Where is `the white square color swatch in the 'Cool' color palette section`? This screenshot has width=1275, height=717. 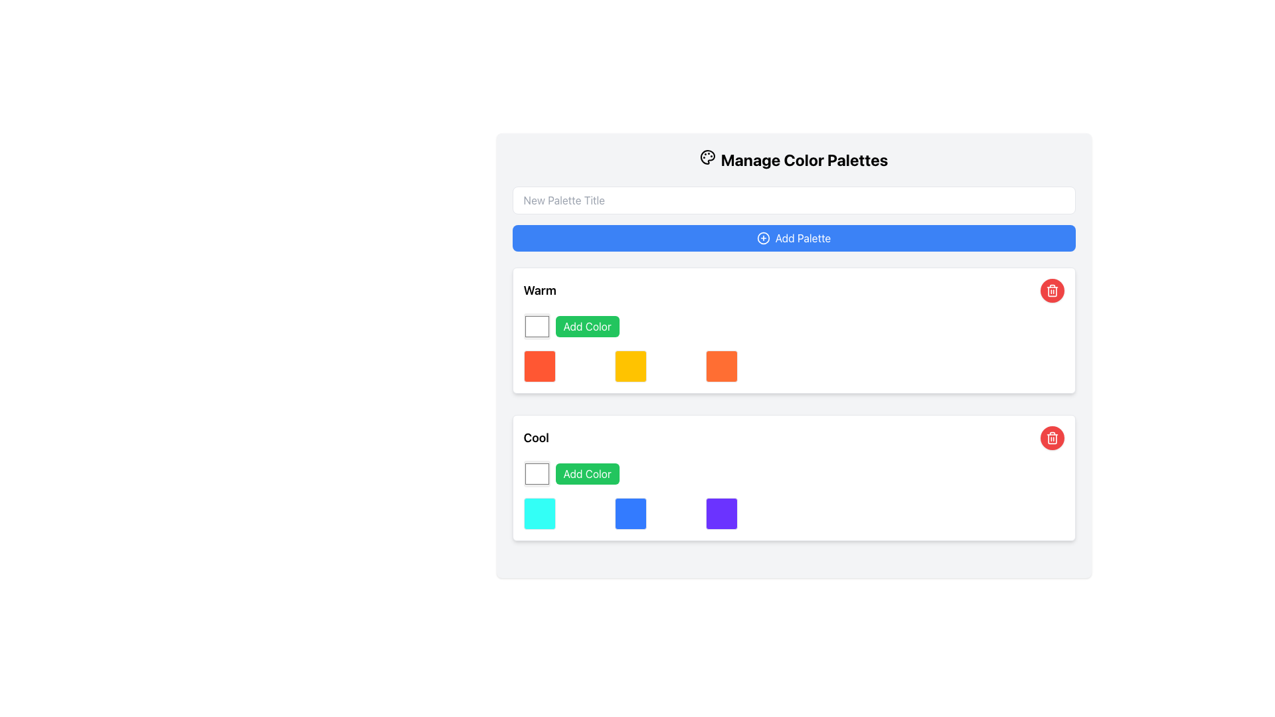 the white square color swatch in the 'Cool' color palette section is located at coordinates (537, 473).